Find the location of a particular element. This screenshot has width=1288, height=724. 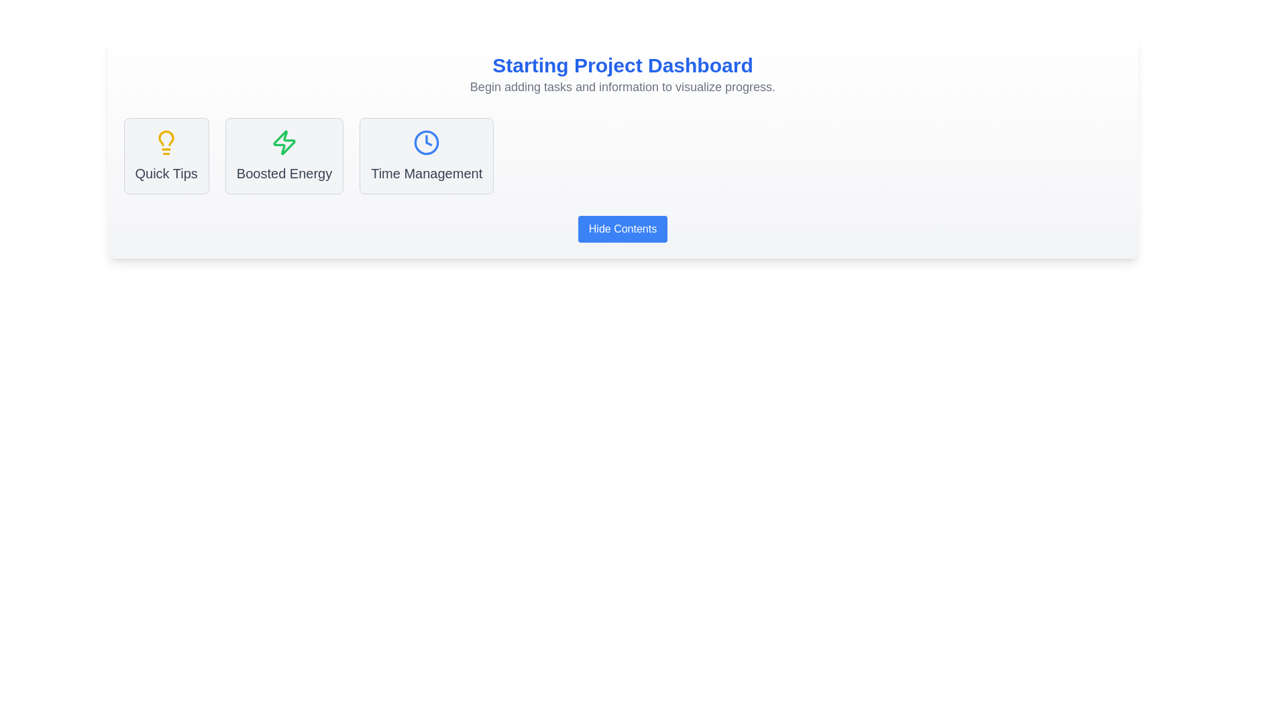

the 'Quick Tips' icon that is centrally placed within the 'Quick Tips' card, located above the text 'Quick Tips' is located at coordinates (166, 142).